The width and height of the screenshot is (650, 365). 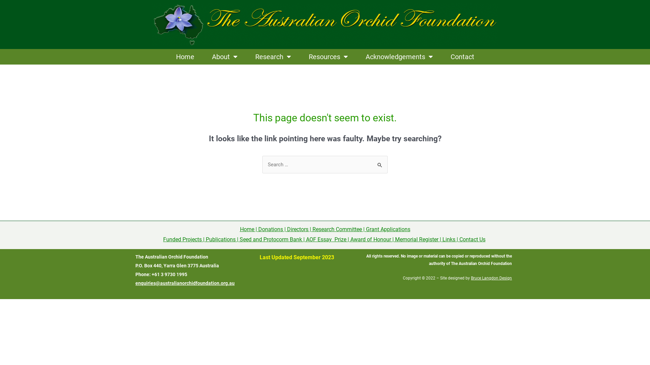 I want to click on 'Research Committee', so click(x=337, y=229).